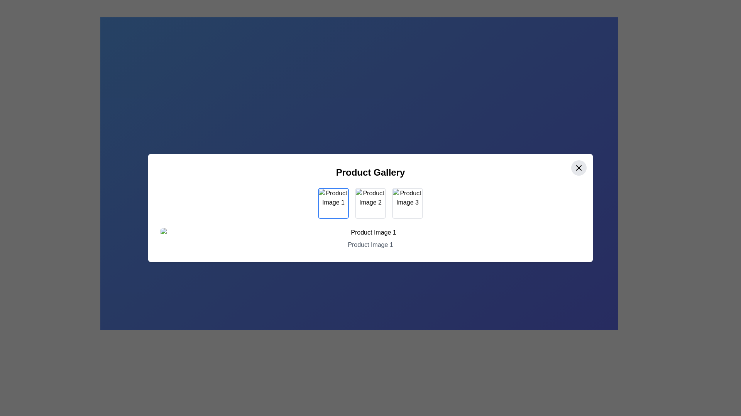 The image size is (741, 416). I want to click on the 'X' shaped close icon located in the top-right corner of the product gallery card, so click(579, 167).